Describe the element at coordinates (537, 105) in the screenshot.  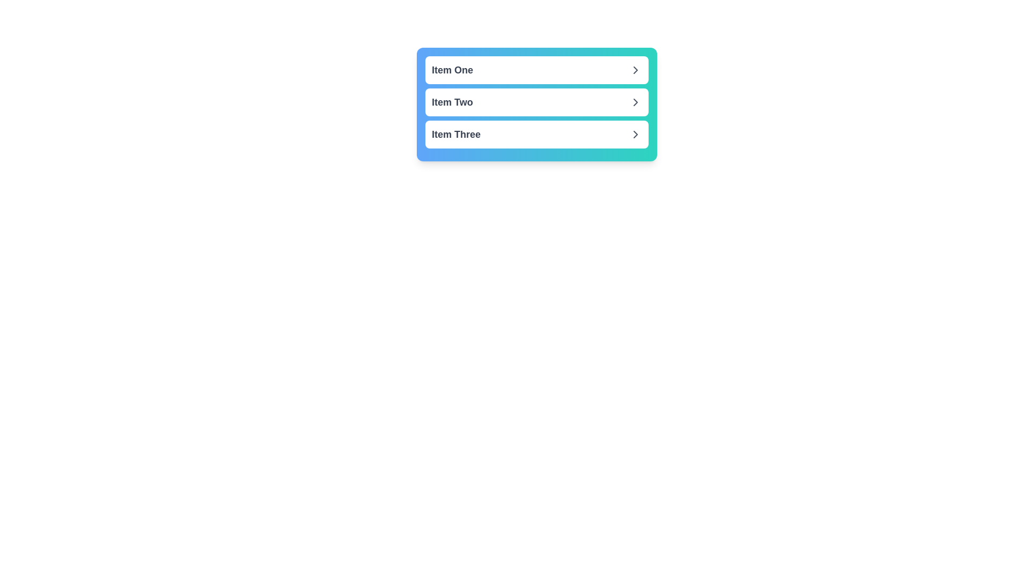
I see `the second selectable list item, which is positioned centrally in a stacked list` at that location.